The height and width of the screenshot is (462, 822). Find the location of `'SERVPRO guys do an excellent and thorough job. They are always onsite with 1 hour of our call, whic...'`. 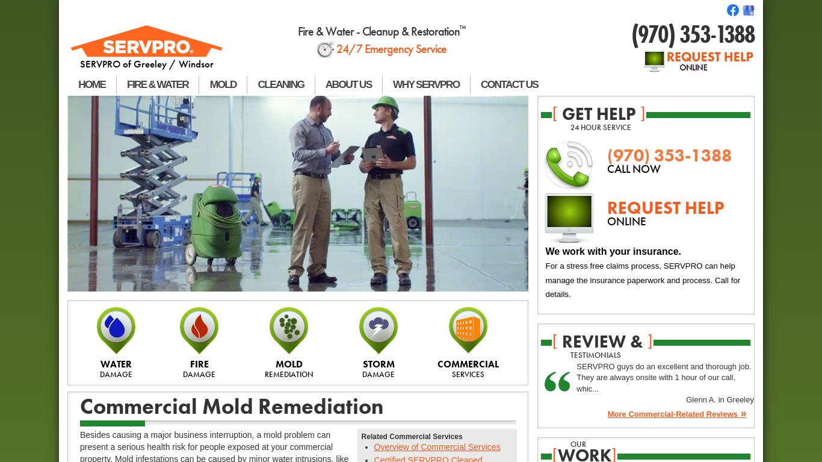

'SERVPRO guys do an excellent and thorough job. They are always onsite with 1 hour of our call, whic...' is located at coordinates (663, 377).